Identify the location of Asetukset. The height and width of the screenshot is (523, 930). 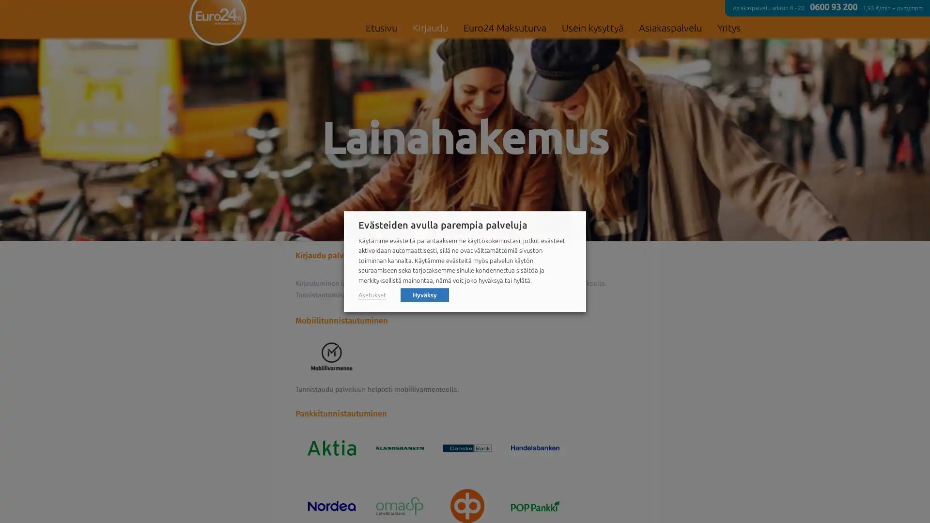
(372, 294).